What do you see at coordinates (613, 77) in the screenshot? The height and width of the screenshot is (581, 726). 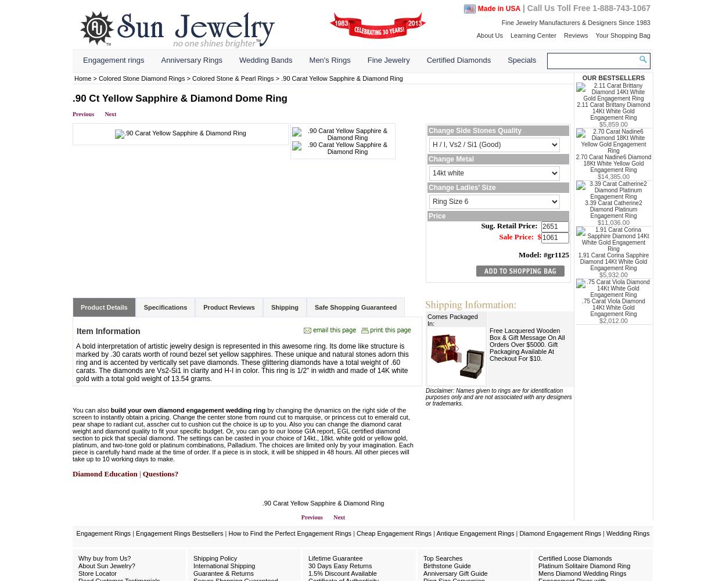 I see `'Our Bestsellers'` at bounding box center [613, 77].